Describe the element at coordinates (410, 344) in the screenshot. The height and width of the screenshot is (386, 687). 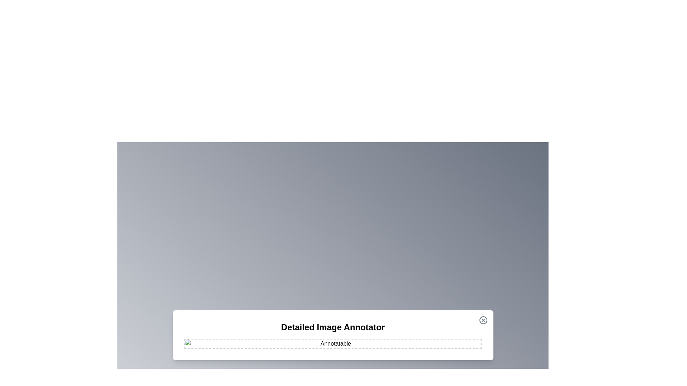
I see `the image at coordinates (1147, 963) to add an annotation` at that location.